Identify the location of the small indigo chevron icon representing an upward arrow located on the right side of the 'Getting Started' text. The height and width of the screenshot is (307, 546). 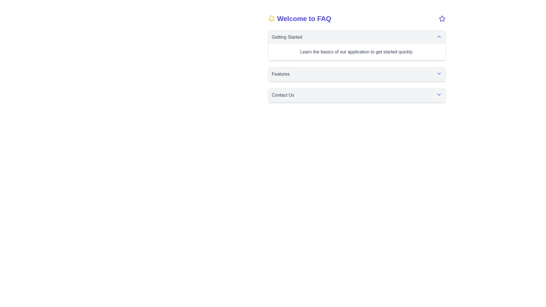
(439, 36).